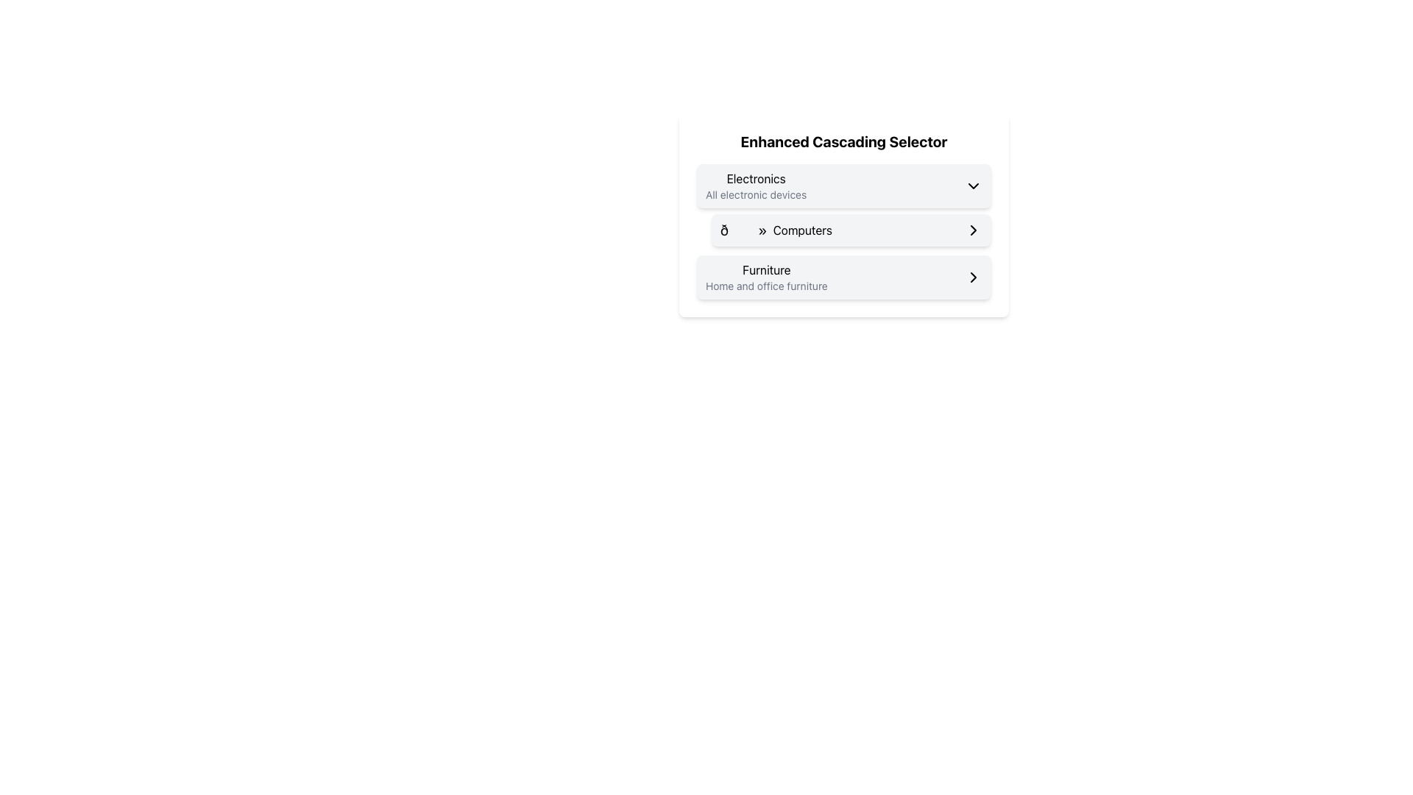  I want to click on the 'Furniture' button, which has a title and subtext indicating navigation, located in the lower section of the menu, so click(844, 278).